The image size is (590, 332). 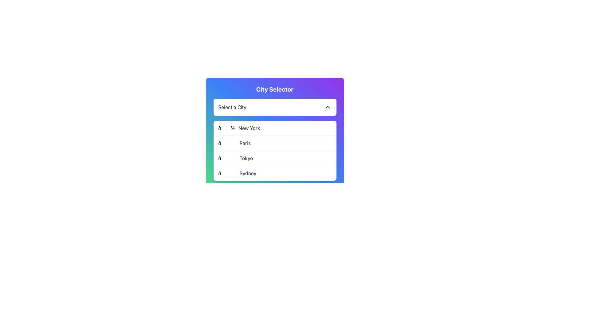 What do you see at coordinates (237, 173) in the screenshot?
I see `the dropdown menu option labeled '🌉 Sydney', which is the fourth item in the list of cities` at bounding box center [237, 173].